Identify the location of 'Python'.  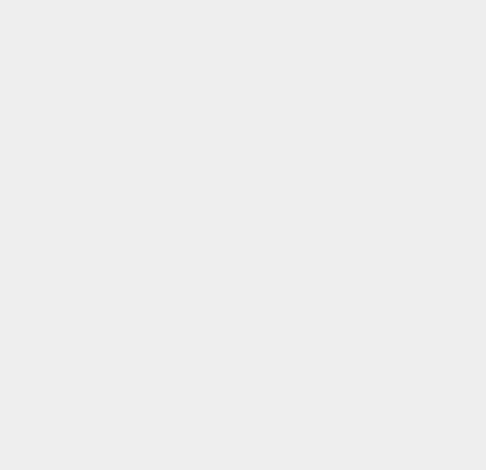
(353, 373).